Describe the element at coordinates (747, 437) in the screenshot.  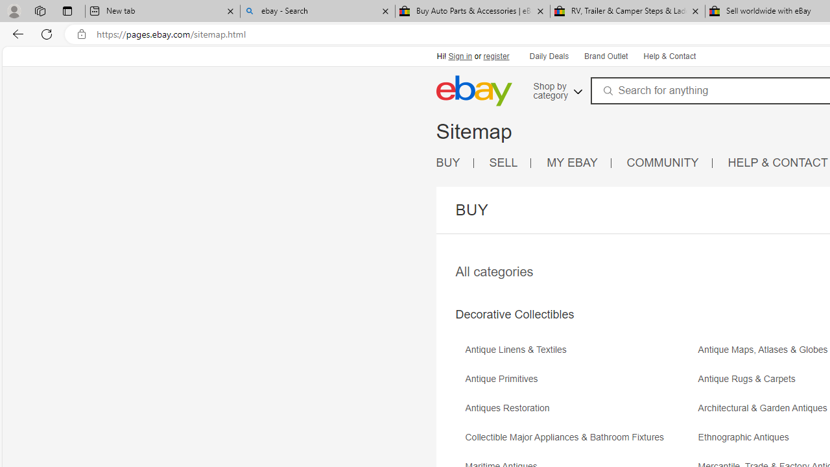
I see `'Ethnographic Antiques'` at that location.